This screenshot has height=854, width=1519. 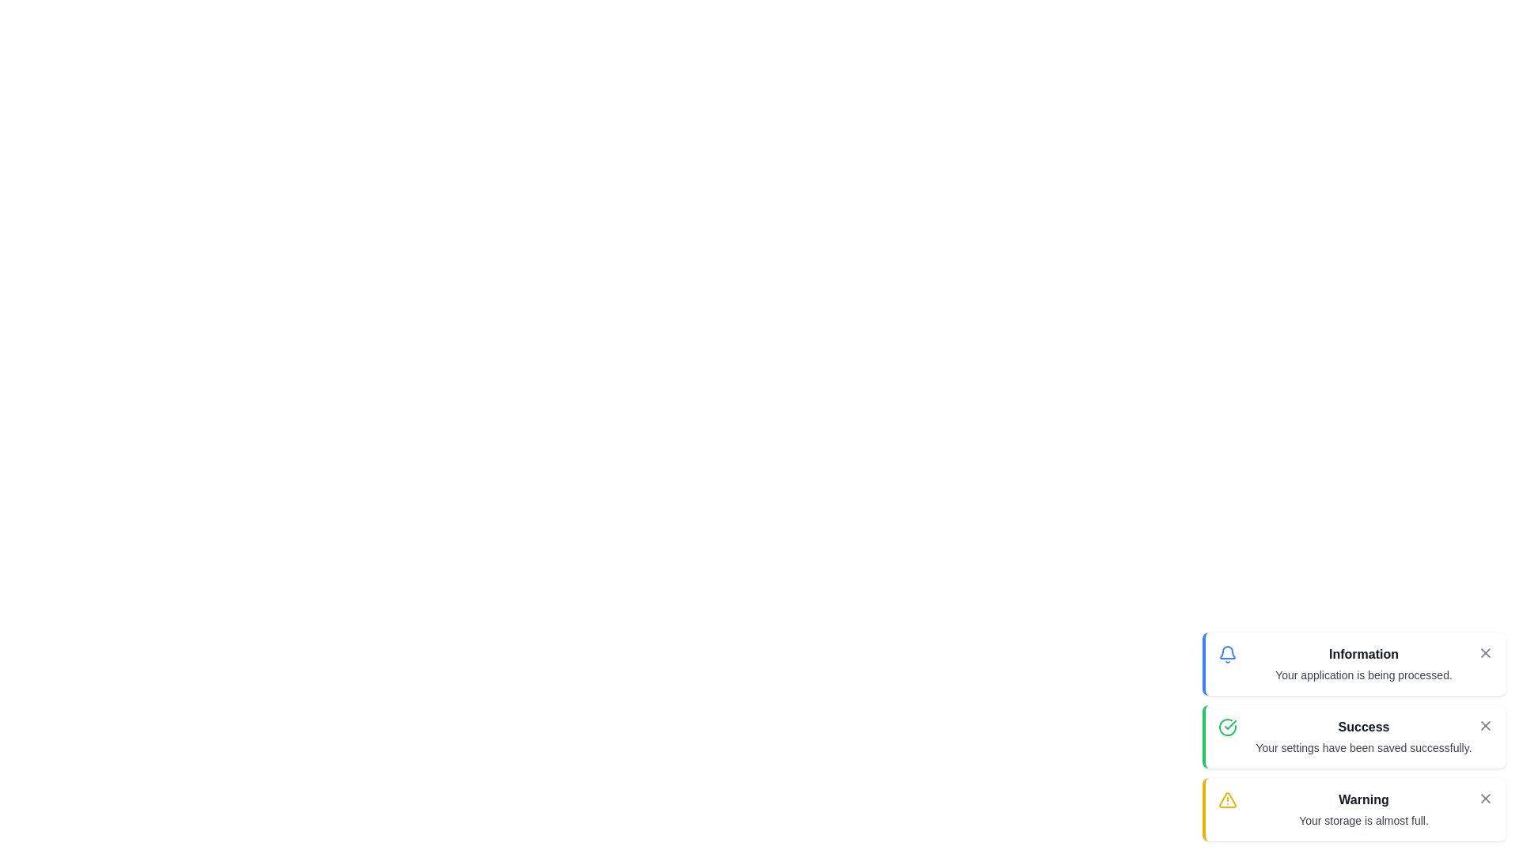 I want to click on the icon representing the snackbar type info, so click(x=1226, y=655).